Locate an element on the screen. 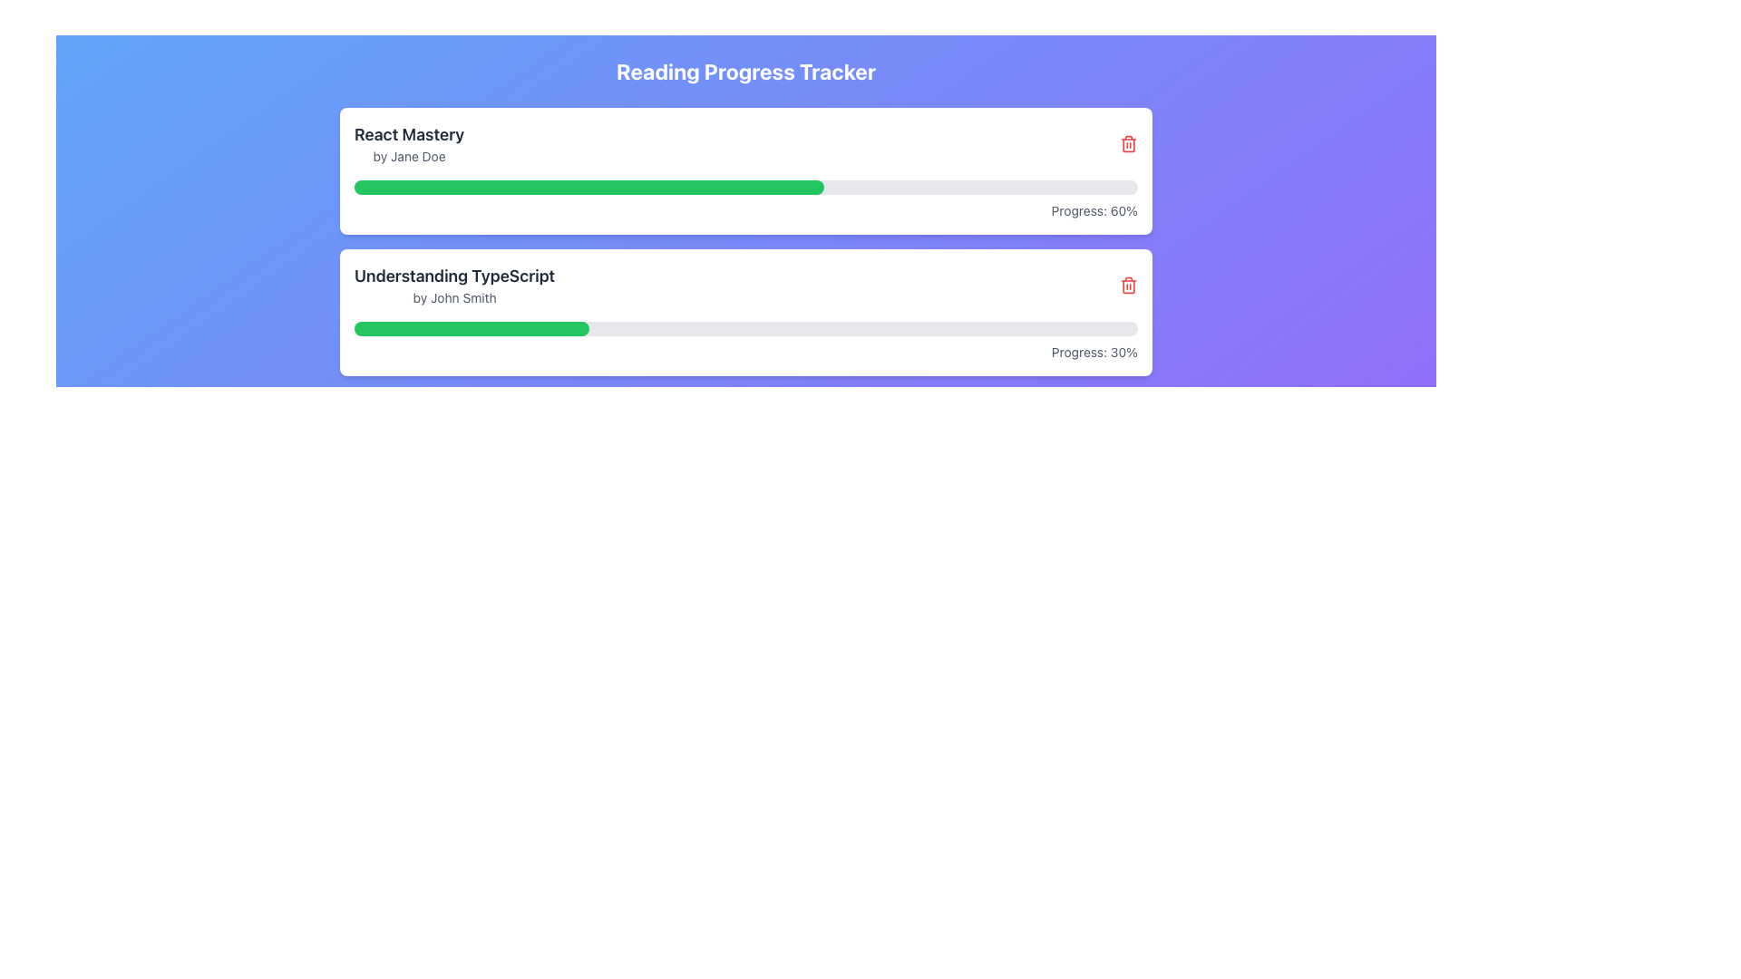  the visual representation of the progress bar located below the text 'Understanding TypeScript' and above the caption 'Progress: 30%' in the second card of the interface is located at coordinates (745, 328).